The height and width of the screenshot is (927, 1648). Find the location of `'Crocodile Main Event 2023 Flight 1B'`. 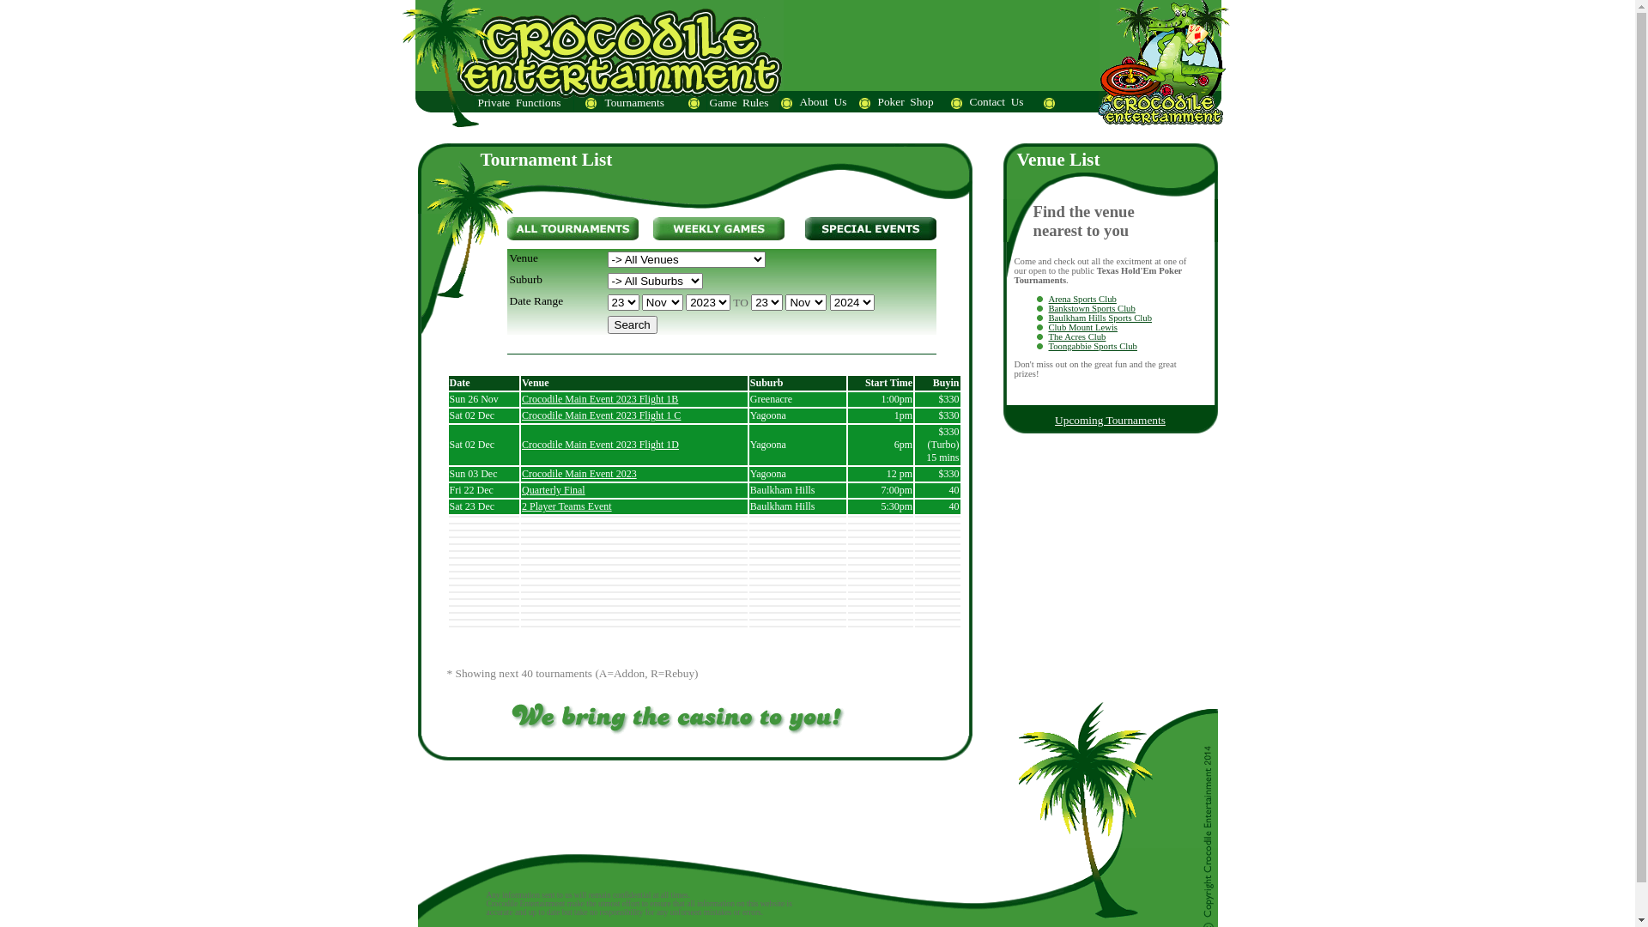

'Crocodile Main Event 2023 Flight 1B' is located at coordinates (521, 399).